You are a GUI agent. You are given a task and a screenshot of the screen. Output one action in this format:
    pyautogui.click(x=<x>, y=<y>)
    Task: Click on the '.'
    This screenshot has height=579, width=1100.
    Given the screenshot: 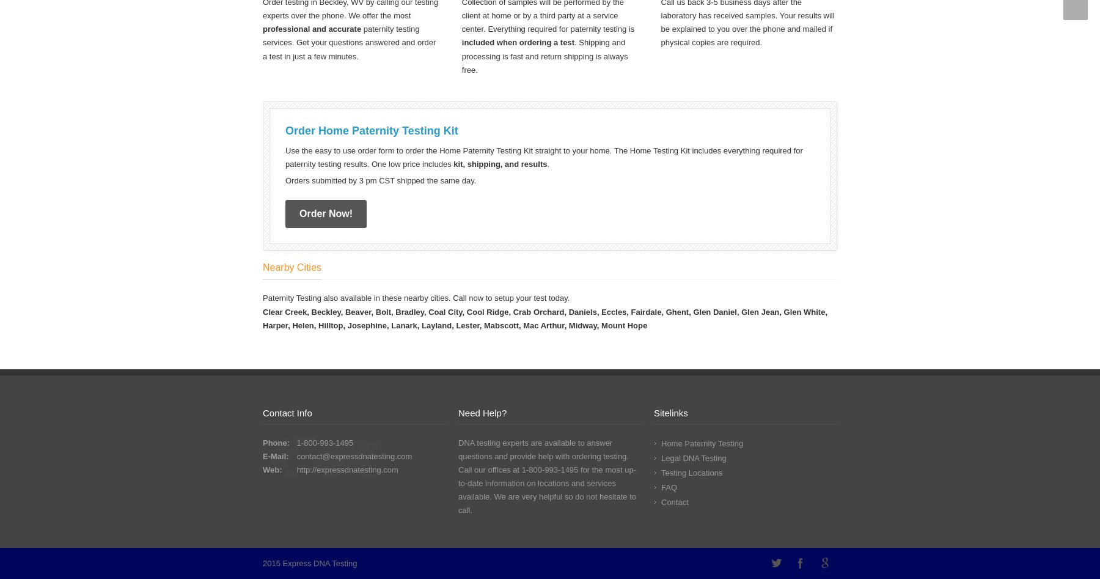 What is the action you would take?
    pyautogui.click(x=548, y=164)
    